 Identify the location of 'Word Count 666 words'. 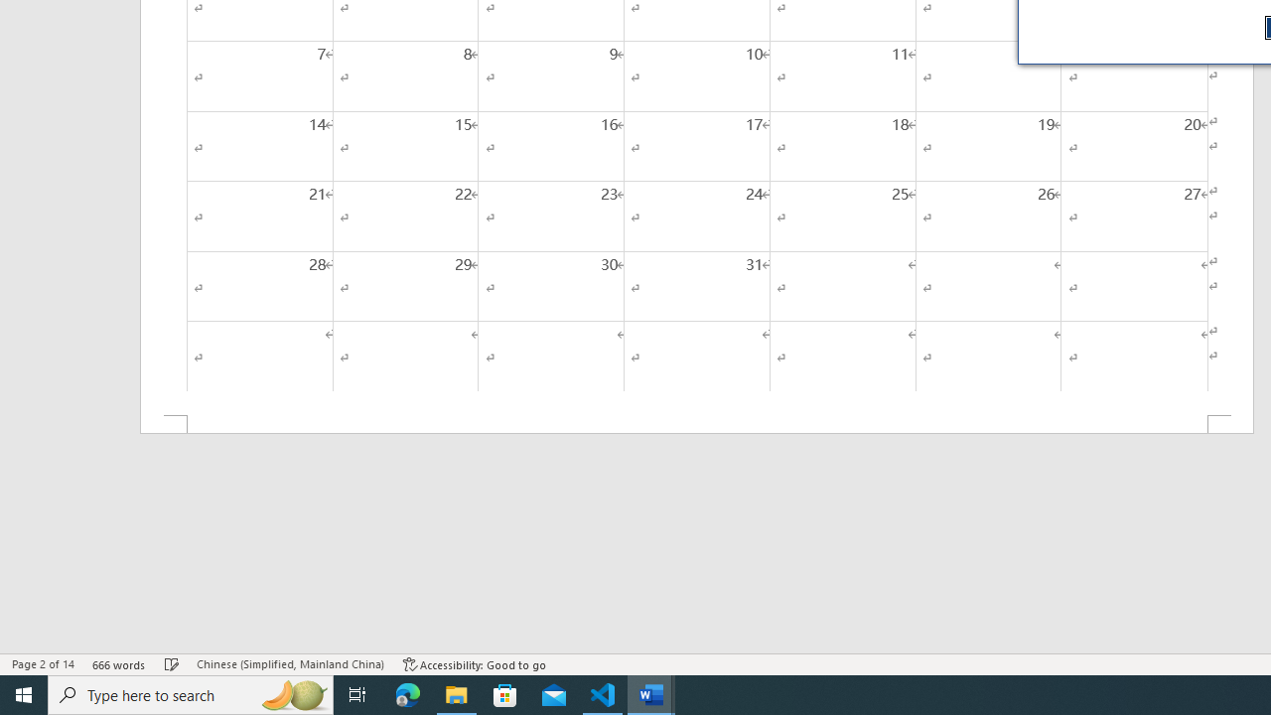
(118, 664).